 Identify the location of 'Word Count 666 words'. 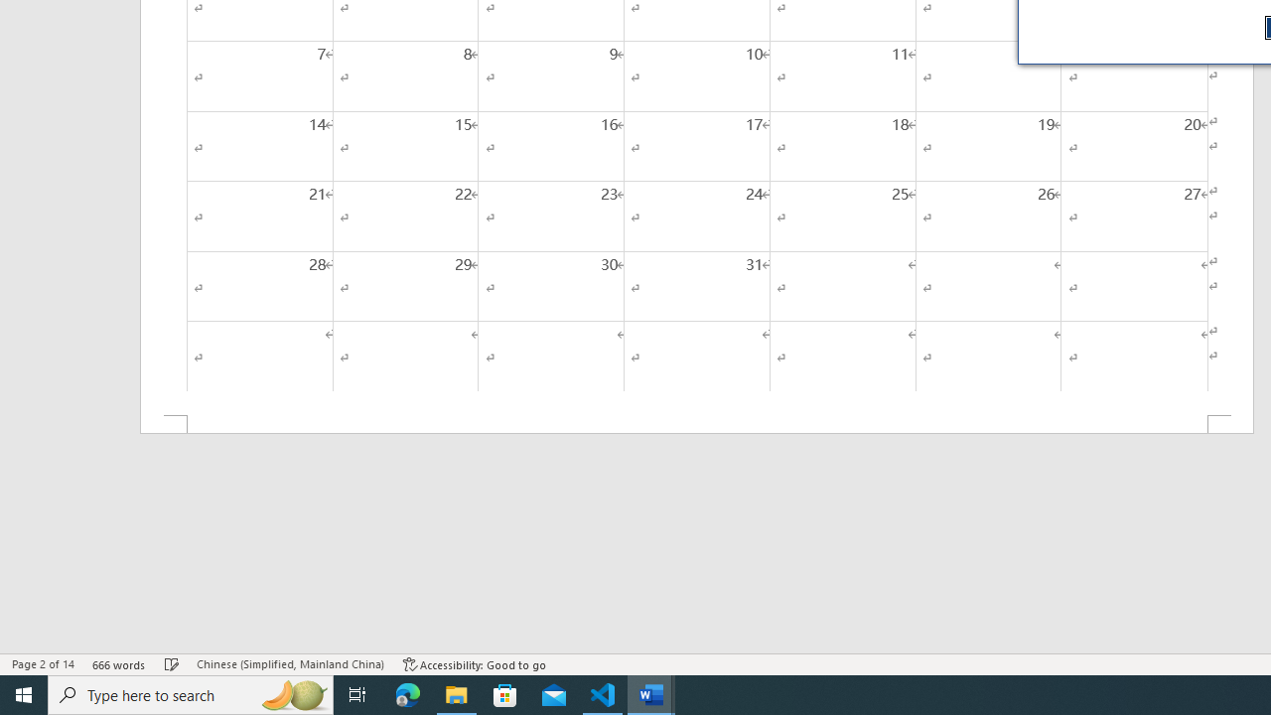
(118, 664).